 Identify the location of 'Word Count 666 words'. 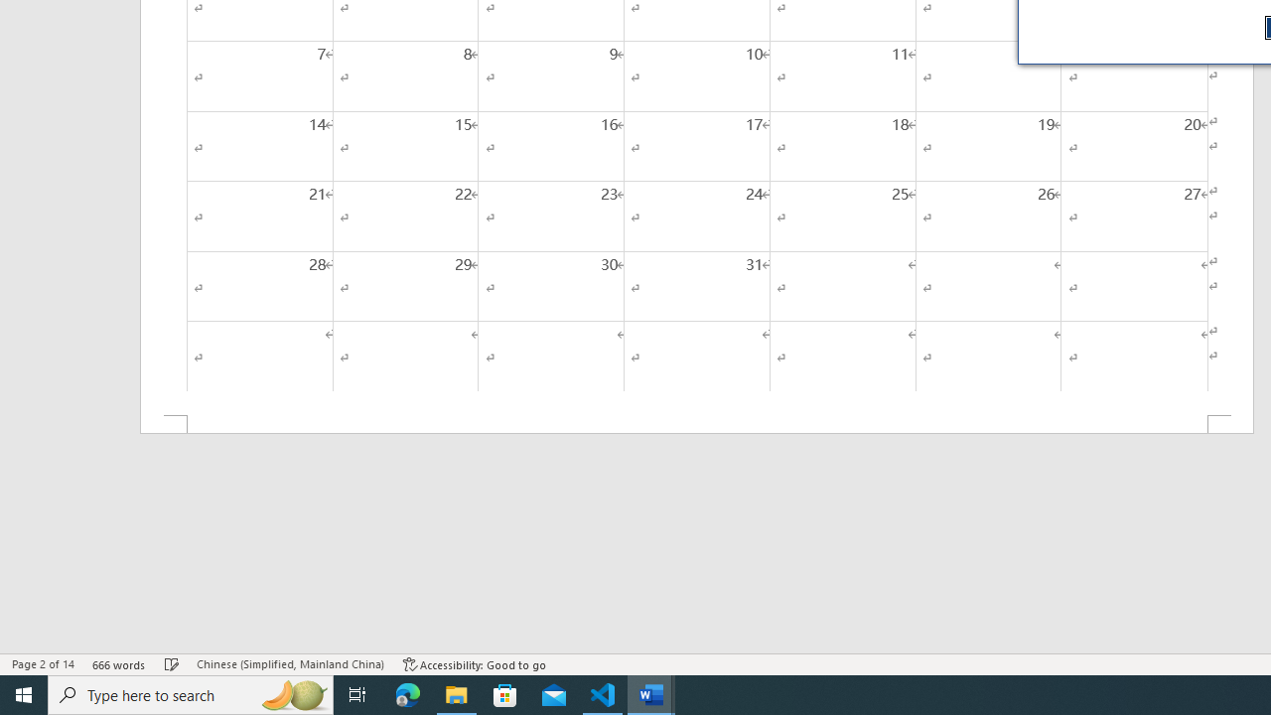
(118, 664).